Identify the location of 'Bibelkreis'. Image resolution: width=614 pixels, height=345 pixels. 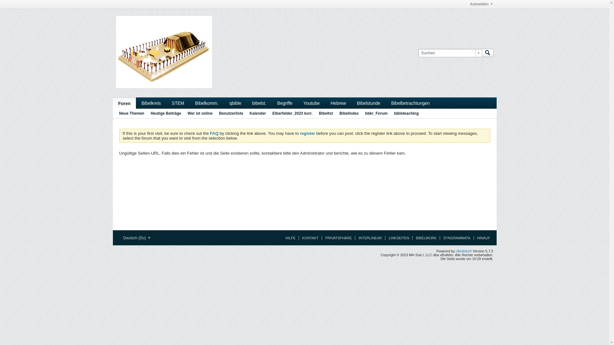
(151, 103).